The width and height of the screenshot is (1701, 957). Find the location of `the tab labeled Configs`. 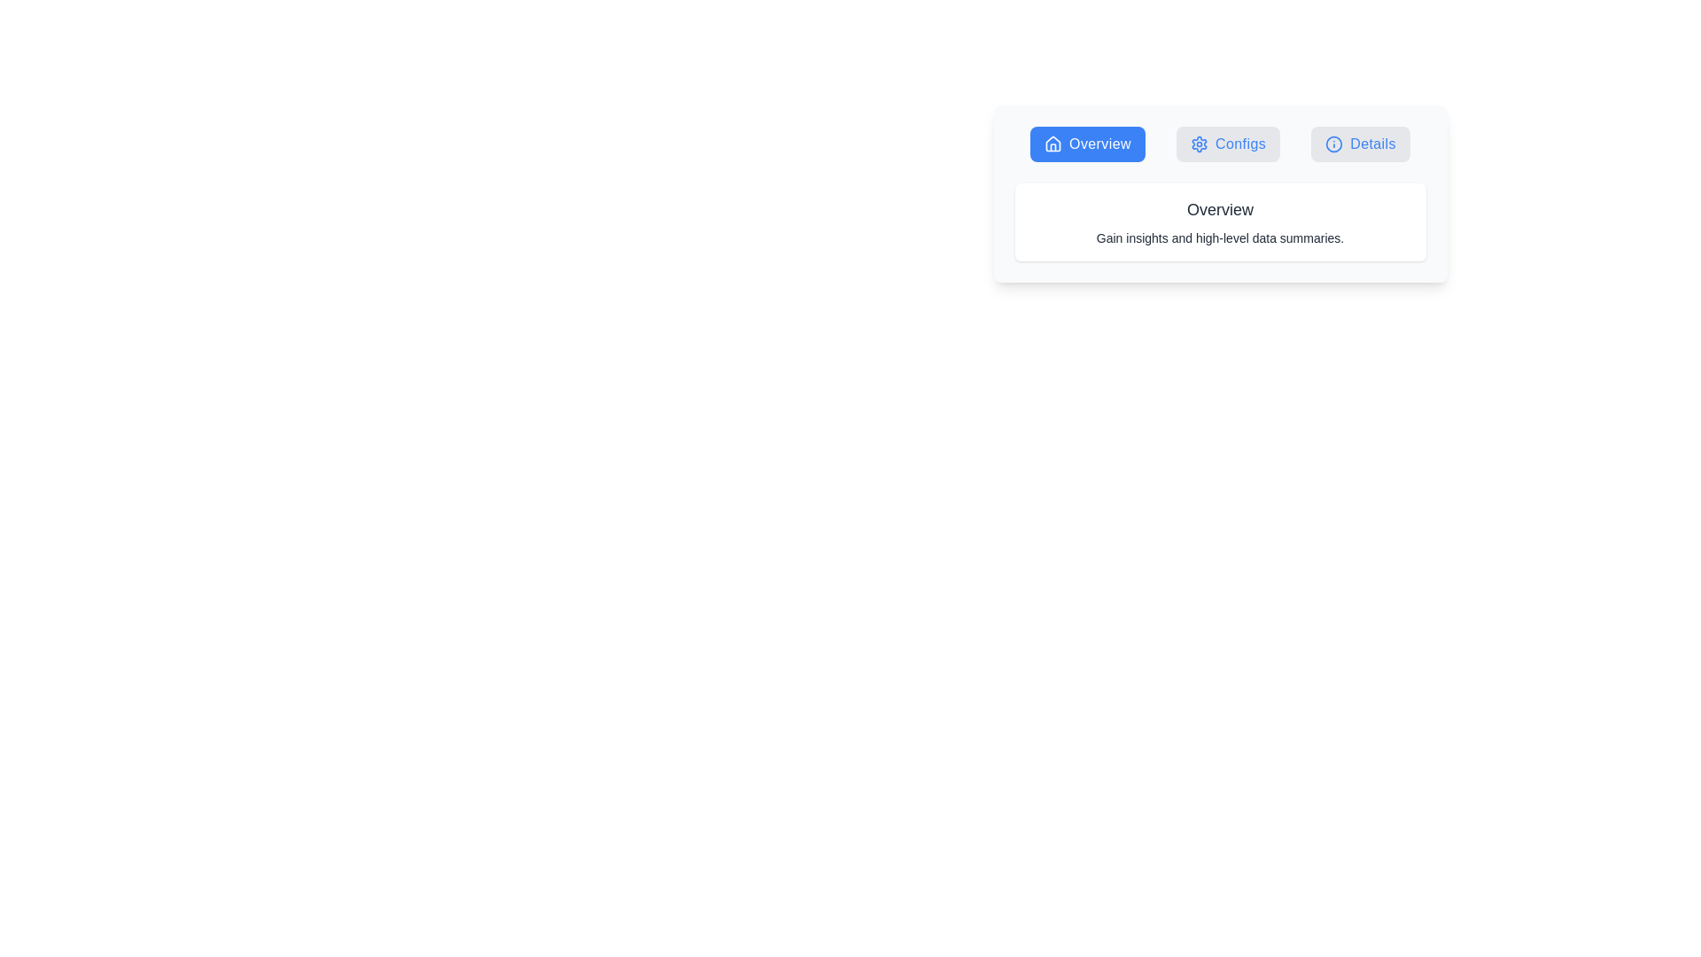

the tab labeled Configs is located at coordinates (1227, 143).